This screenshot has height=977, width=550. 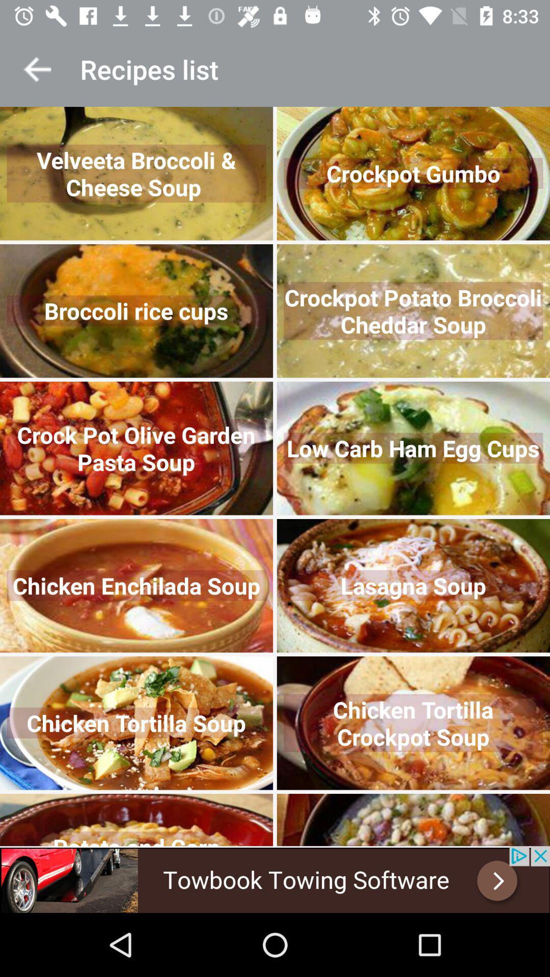 I want to click on advertisements image, so click(x=275, y=879).